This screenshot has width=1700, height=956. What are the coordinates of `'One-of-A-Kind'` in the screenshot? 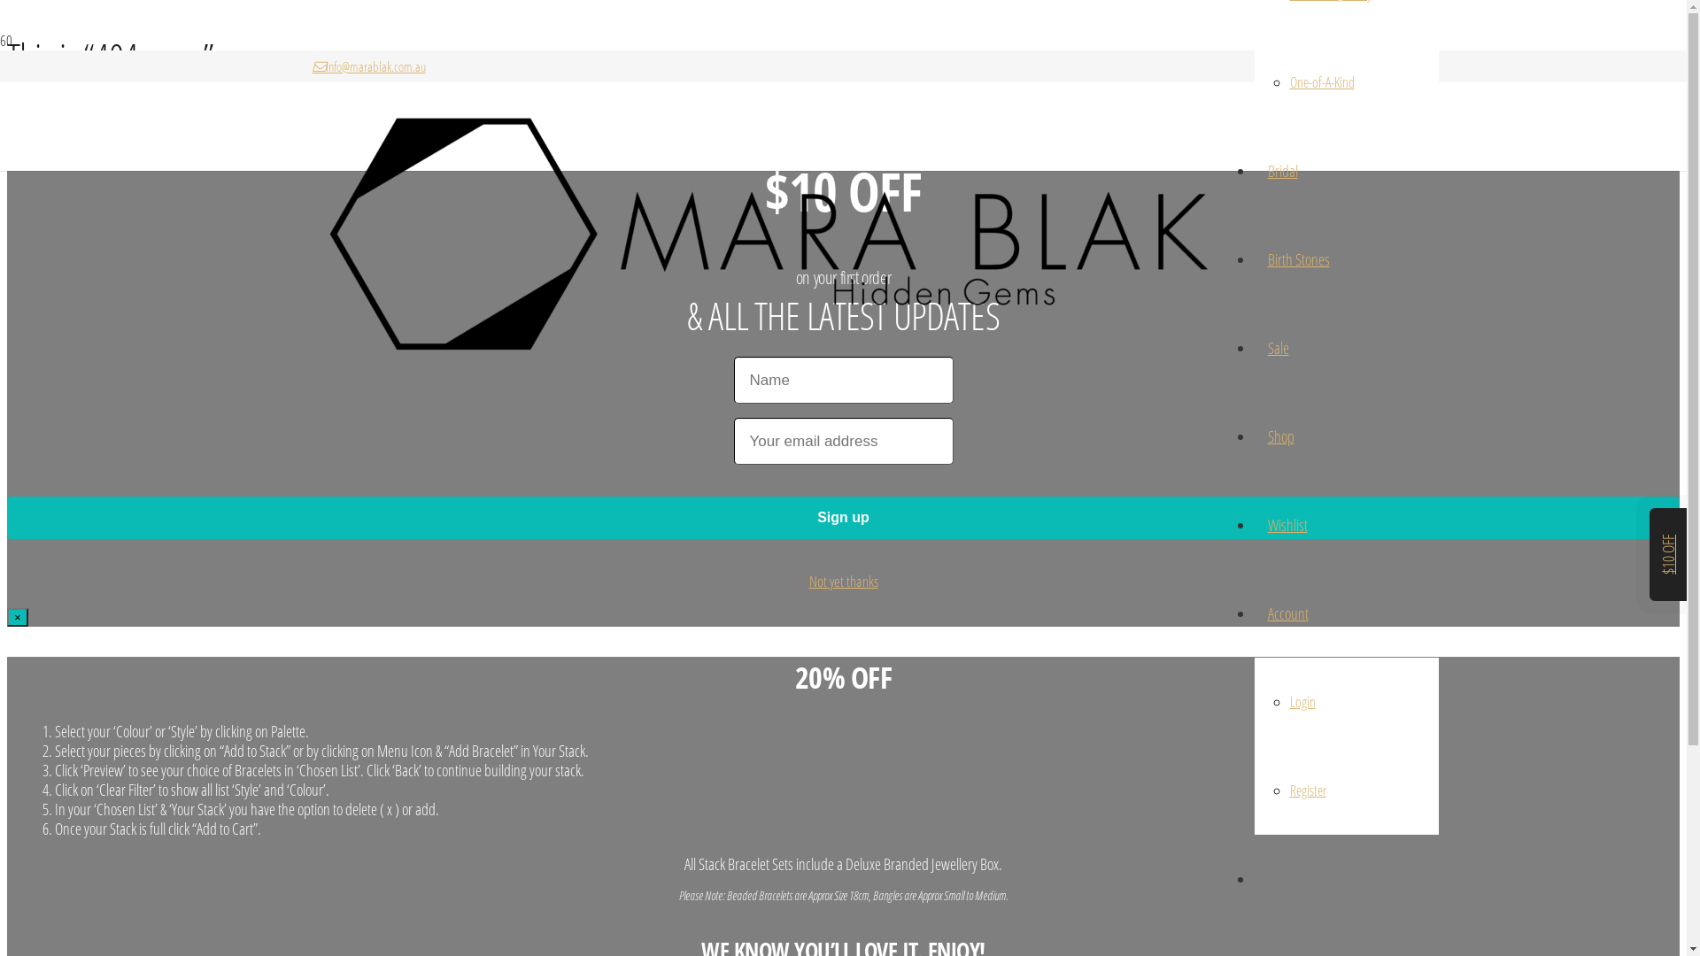 It's located at (1288, 81).